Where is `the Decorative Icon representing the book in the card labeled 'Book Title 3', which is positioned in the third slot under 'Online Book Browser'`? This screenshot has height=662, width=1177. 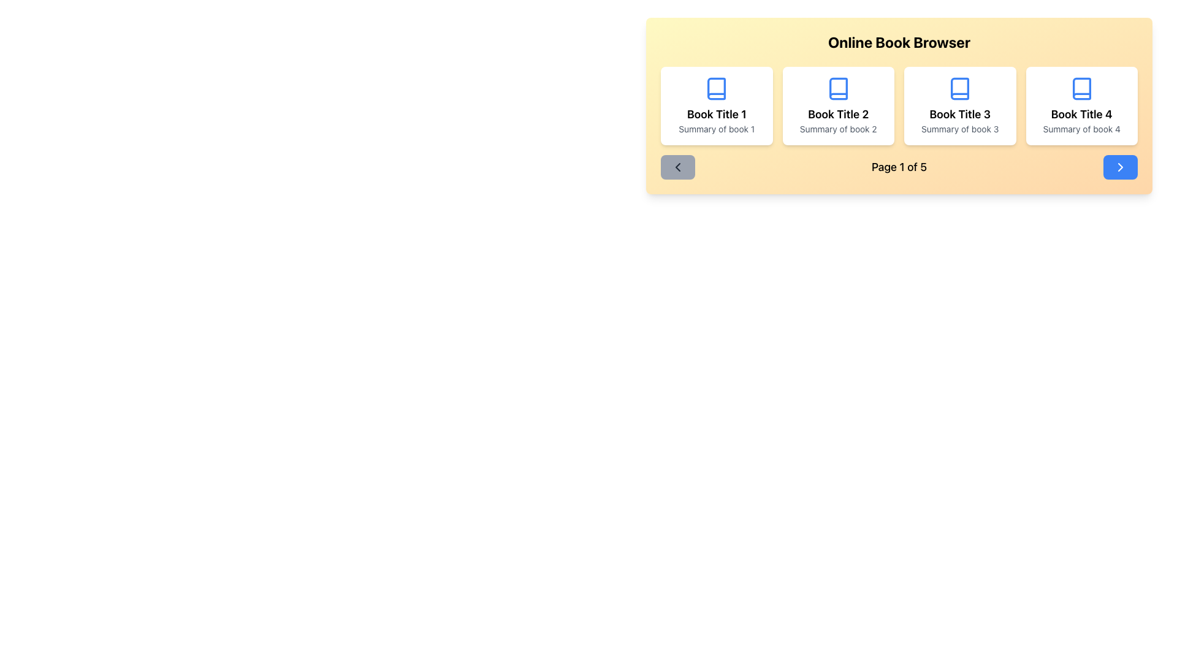 the Decorative Icon representing the book in the card labeled 'Book Title 3', which is positioned in the third slot under 'Online Book Browser' is located at coordinates (959, 88).